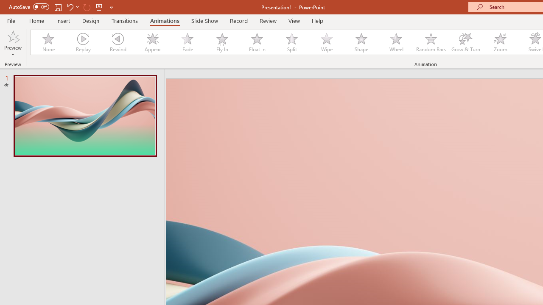 The width and height of the screenshot is (543, 305). What do you see at coordinates (431, 42) in the screenshot?
I see `'Random Bars'` at bounding box center [431, 42].